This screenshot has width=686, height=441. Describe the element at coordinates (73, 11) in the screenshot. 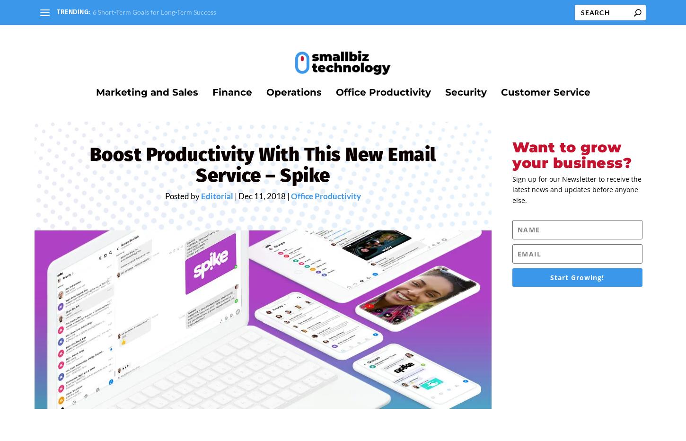

I see `'TRENDING:'` at that location.